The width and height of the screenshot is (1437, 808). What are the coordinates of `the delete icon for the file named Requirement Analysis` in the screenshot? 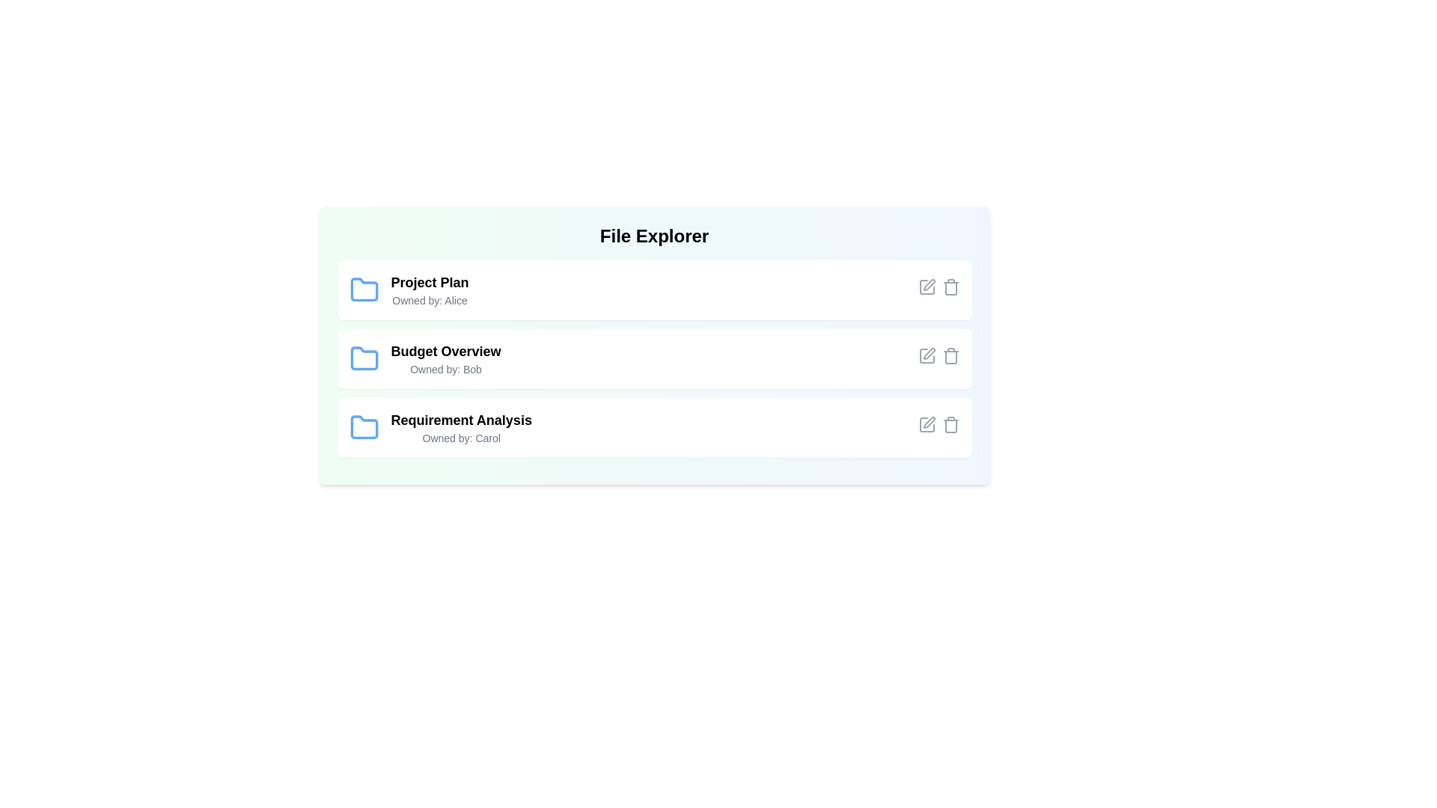 It's located at (950, 424).